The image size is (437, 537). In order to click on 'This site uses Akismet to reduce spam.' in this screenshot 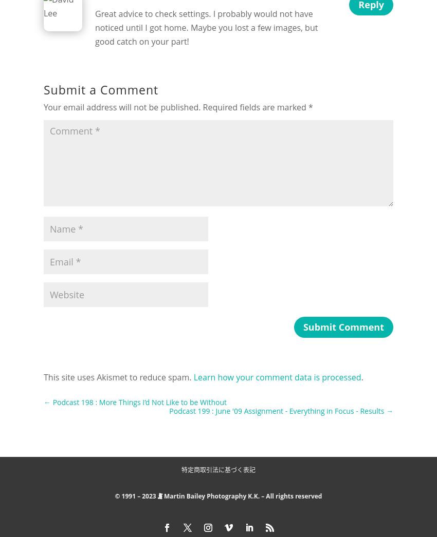, I will do `click(118, 377)`.